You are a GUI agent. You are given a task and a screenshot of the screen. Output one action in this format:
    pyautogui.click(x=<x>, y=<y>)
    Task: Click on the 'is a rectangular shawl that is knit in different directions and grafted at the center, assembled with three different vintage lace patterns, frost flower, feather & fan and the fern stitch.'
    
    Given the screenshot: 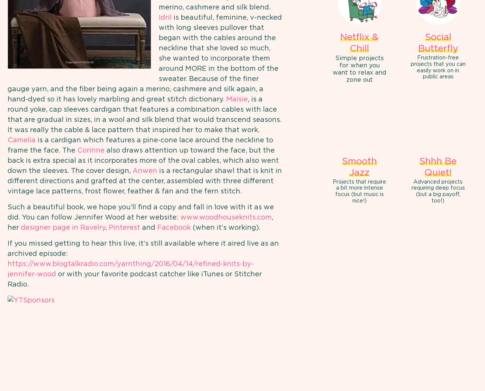 What is the action you would take?
    pyautogui.click(x=7, y=181)
    